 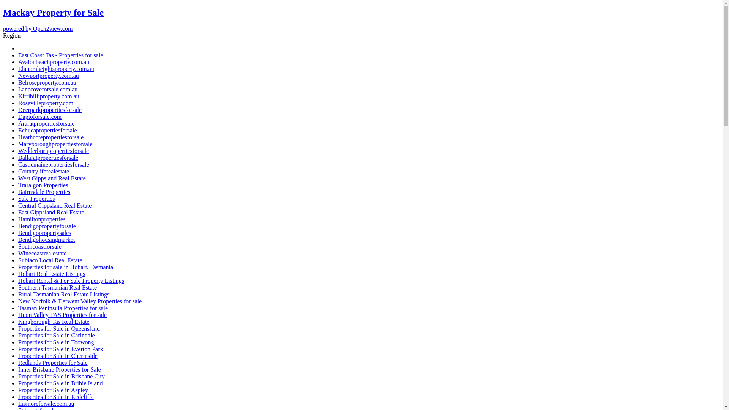 I want to click on 'Bendigopropertysales', so click(x=44, y=232).